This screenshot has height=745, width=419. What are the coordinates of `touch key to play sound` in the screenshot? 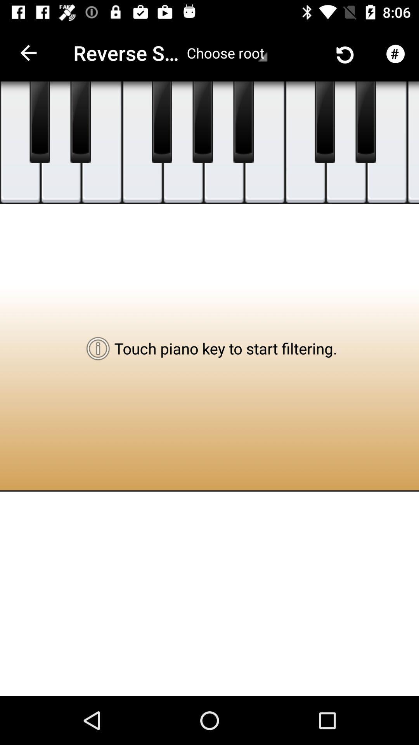 It's located at (183, 142).